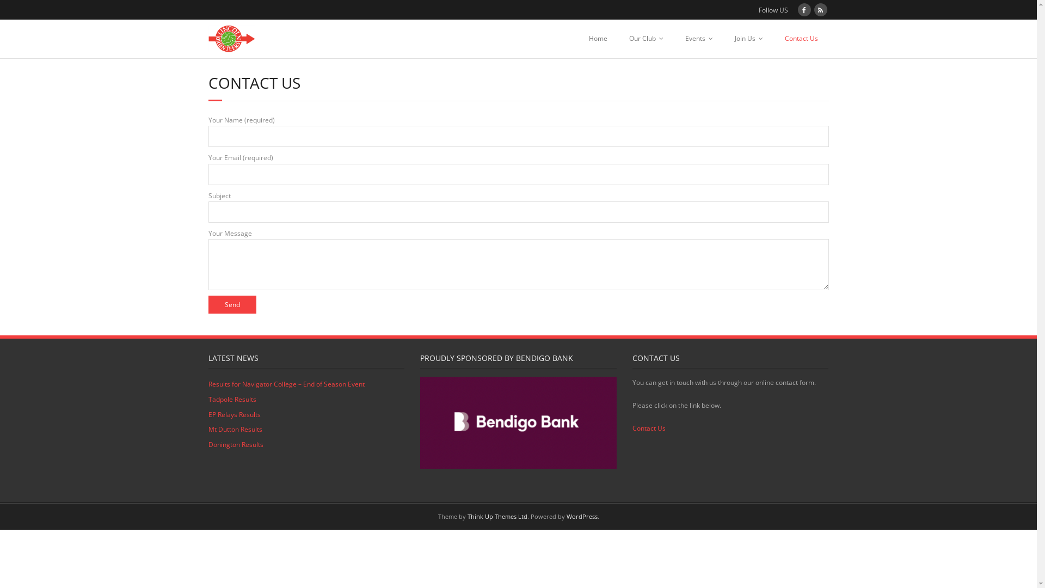 This screenshot has width=1045, height=588. What do you see at coordinates (698, 38) in the screenshot?
I see `'Events'` at bounding box center [698, 38].